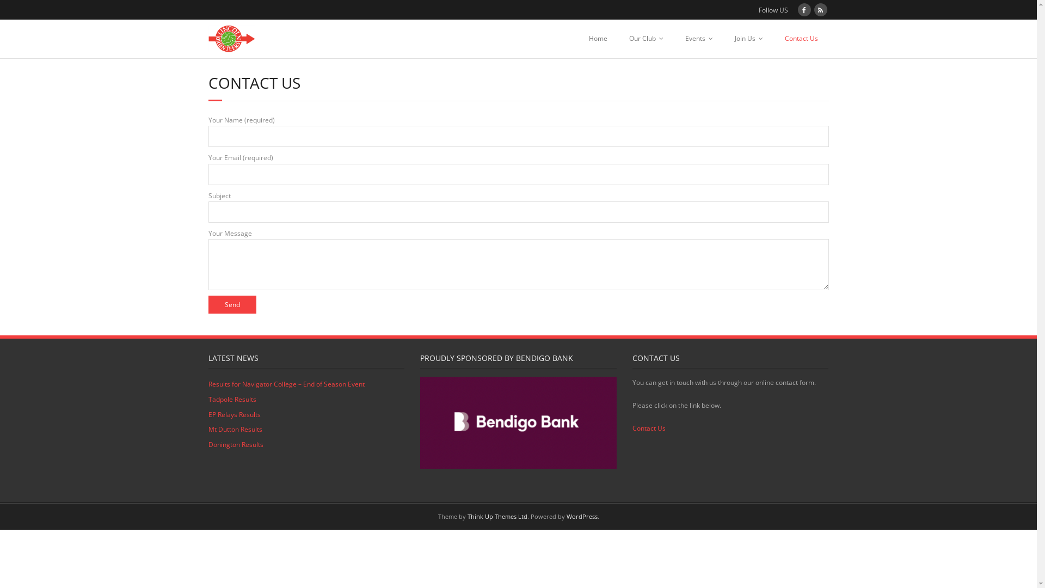 This screenshot has width=1045, height=588. What do you see at coordinates (698, 38) in the screenshot?
I see `'Events'` at bounding box center [698, 38].